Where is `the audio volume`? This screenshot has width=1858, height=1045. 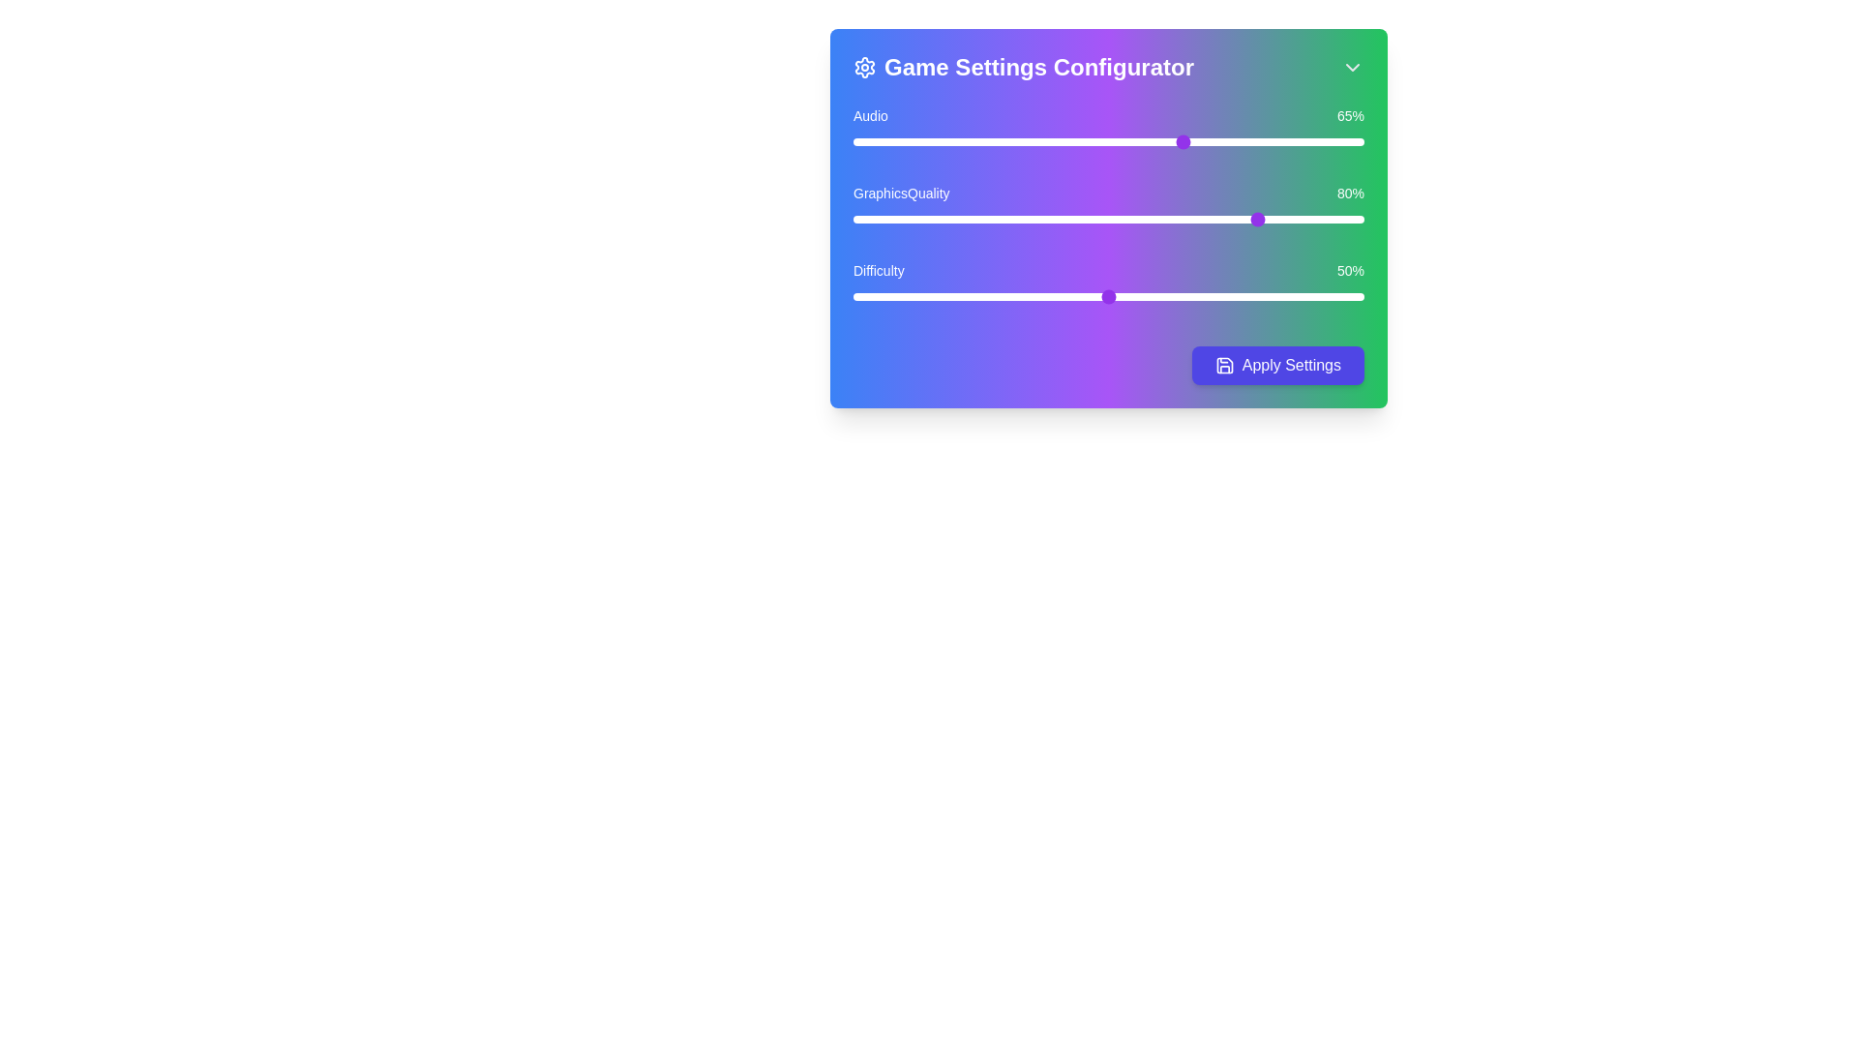
the audio volume is located at coordinates (1109, 140).